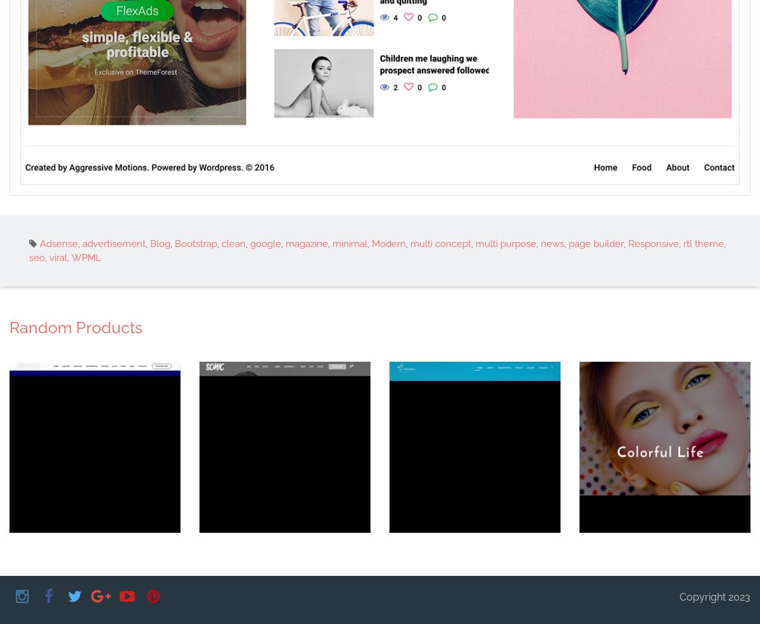 This screenshot has height=624, width=760. What do you see at coordinates (474, 443) in the screenshot?
I see `'Composer'` at bounding box center [474, 443].